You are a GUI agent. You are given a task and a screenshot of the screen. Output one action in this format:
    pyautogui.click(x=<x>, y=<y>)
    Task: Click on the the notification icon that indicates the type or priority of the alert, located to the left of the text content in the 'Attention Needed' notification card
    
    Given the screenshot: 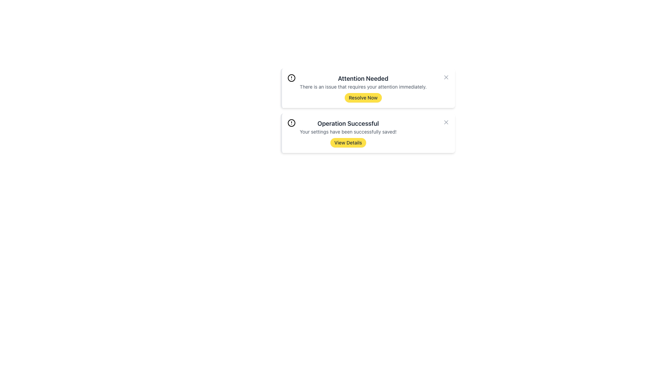 What is the action you would take?
    pyautogui.click(x=291, y=77)
    